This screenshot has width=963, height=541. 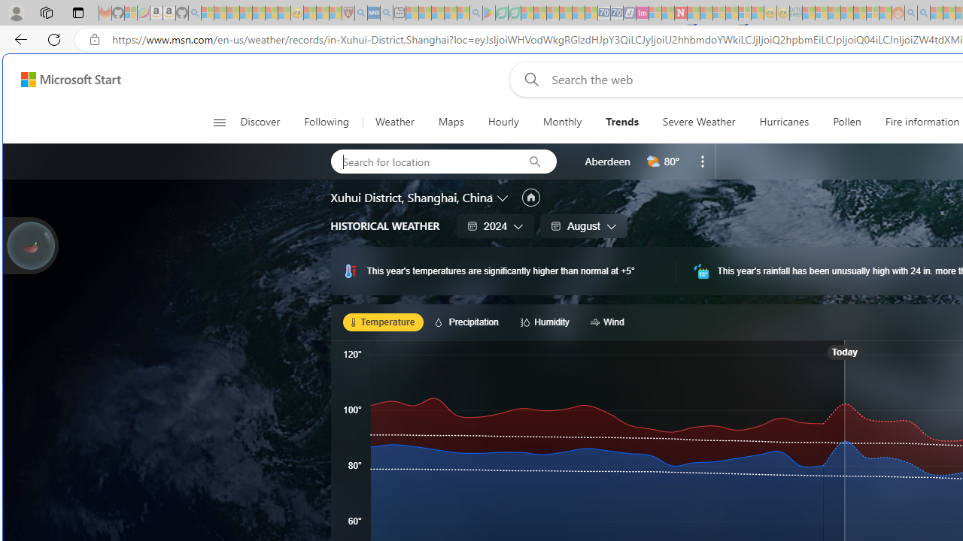 I want to click on 'Join us in planting real trees to help our planet!', so click(x=30, y=245).